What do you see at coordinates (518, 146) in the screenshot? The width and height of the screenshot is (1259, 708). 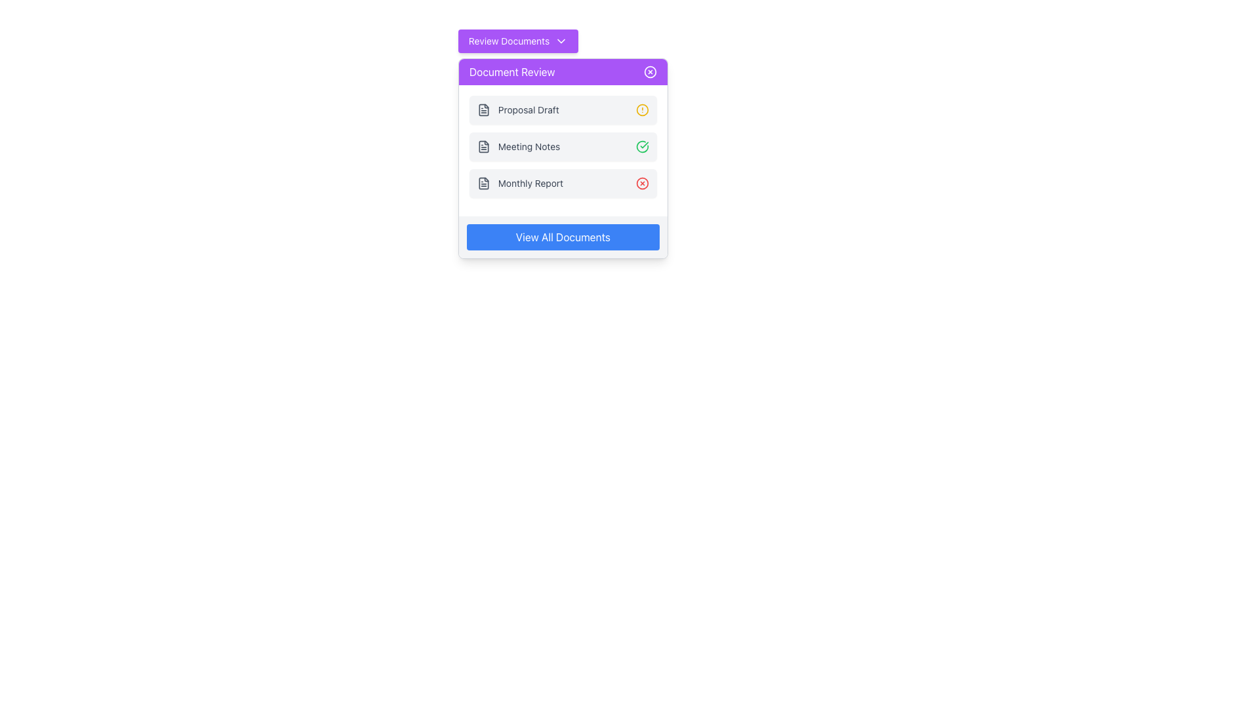 I see `the 'Meeting Notes' text label, which is styled in a small, gray font and positioned to the right of a file outline icon, located directly below 'Proposal Draft' and above 'Monthly Report' in the list under 'Document Review'` at bounding box center [518, 146].